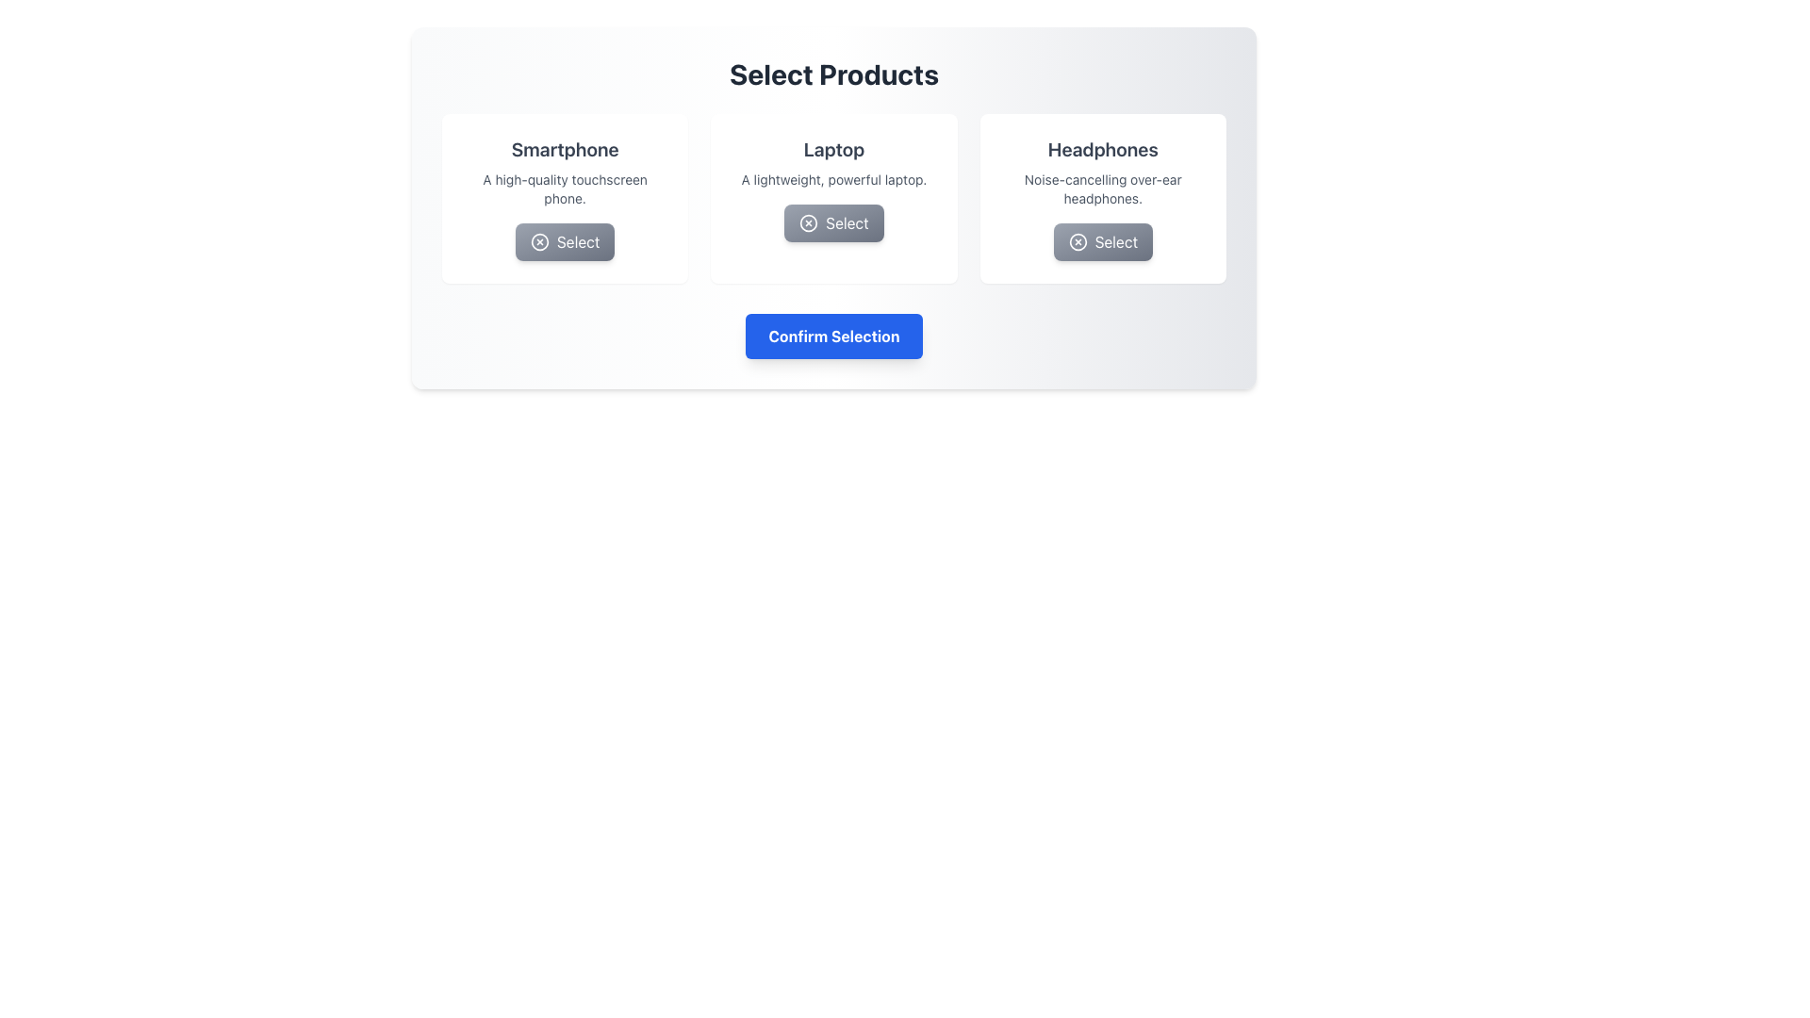 This screenshot has width=1810, height=1018. I want to click on the Text Label displaying 'A high-quality touchscreen phone.' located under the title 'Smartphone' in the product card layout, so click(564, 189).